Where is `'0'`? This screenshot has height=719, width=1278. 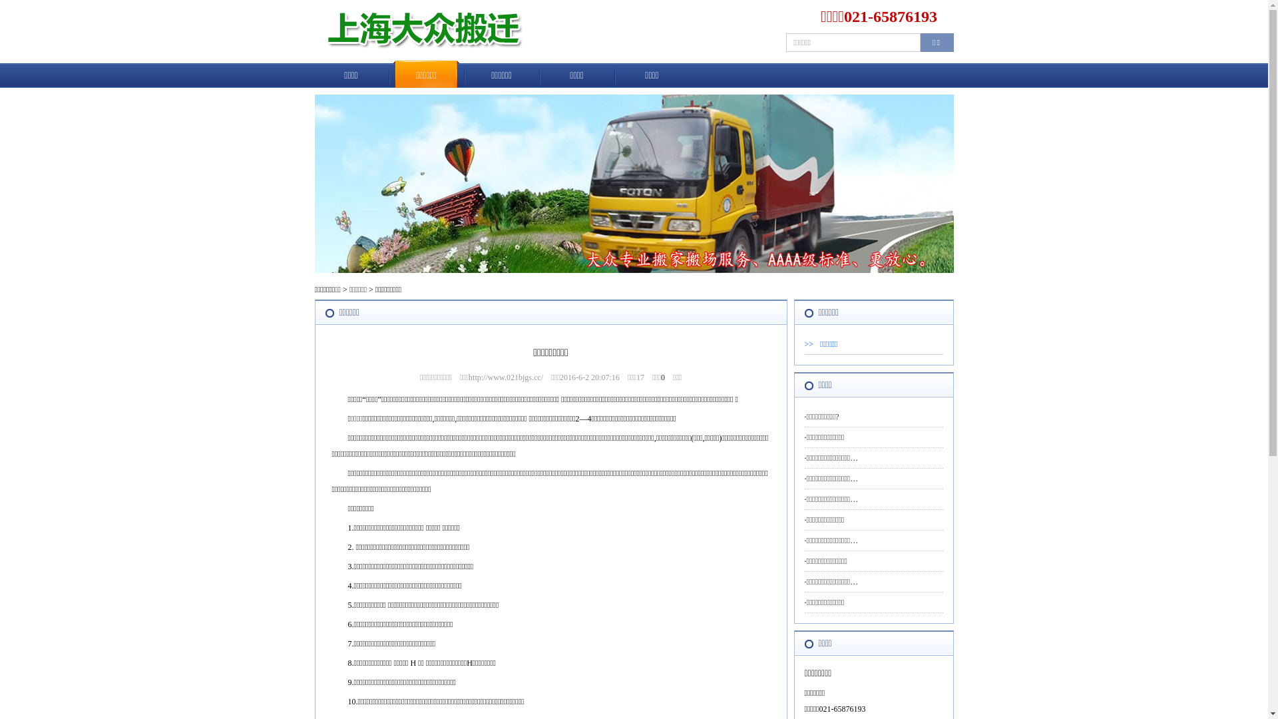 '0' is located at coordinates (663, 377).